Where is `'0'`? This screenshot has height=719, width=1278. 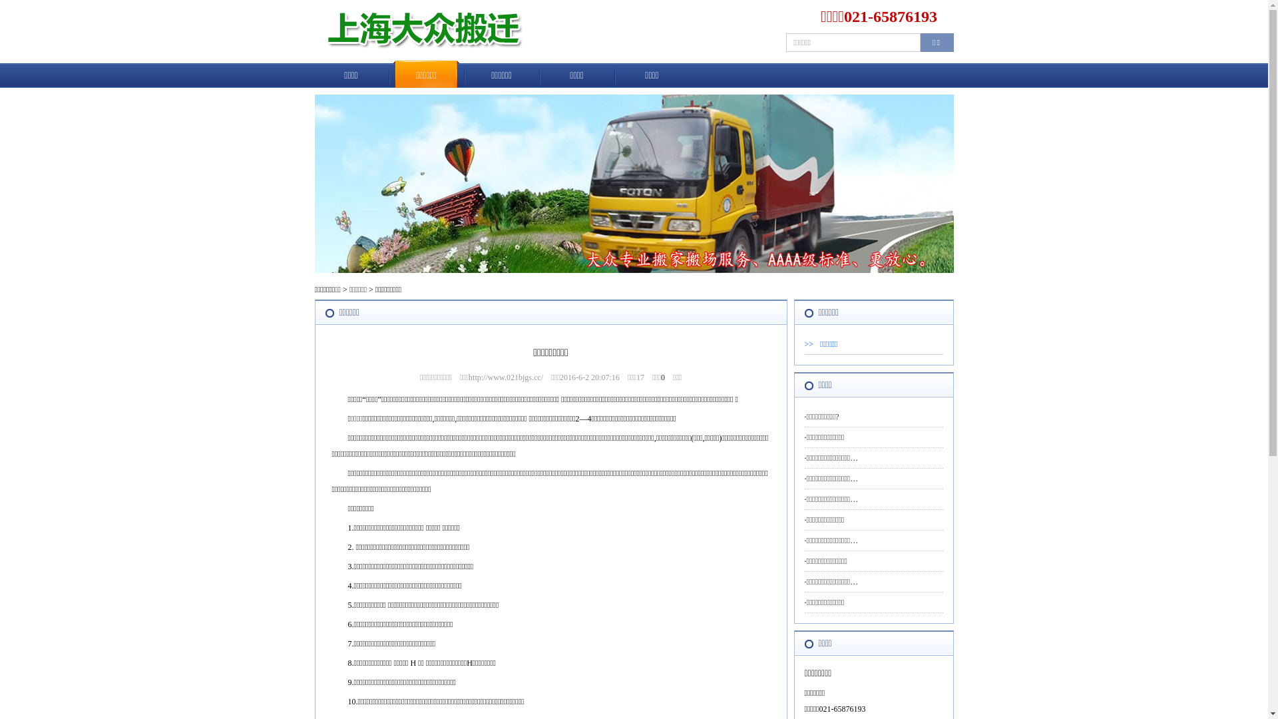 '0' is located at coordinates (663, 377).